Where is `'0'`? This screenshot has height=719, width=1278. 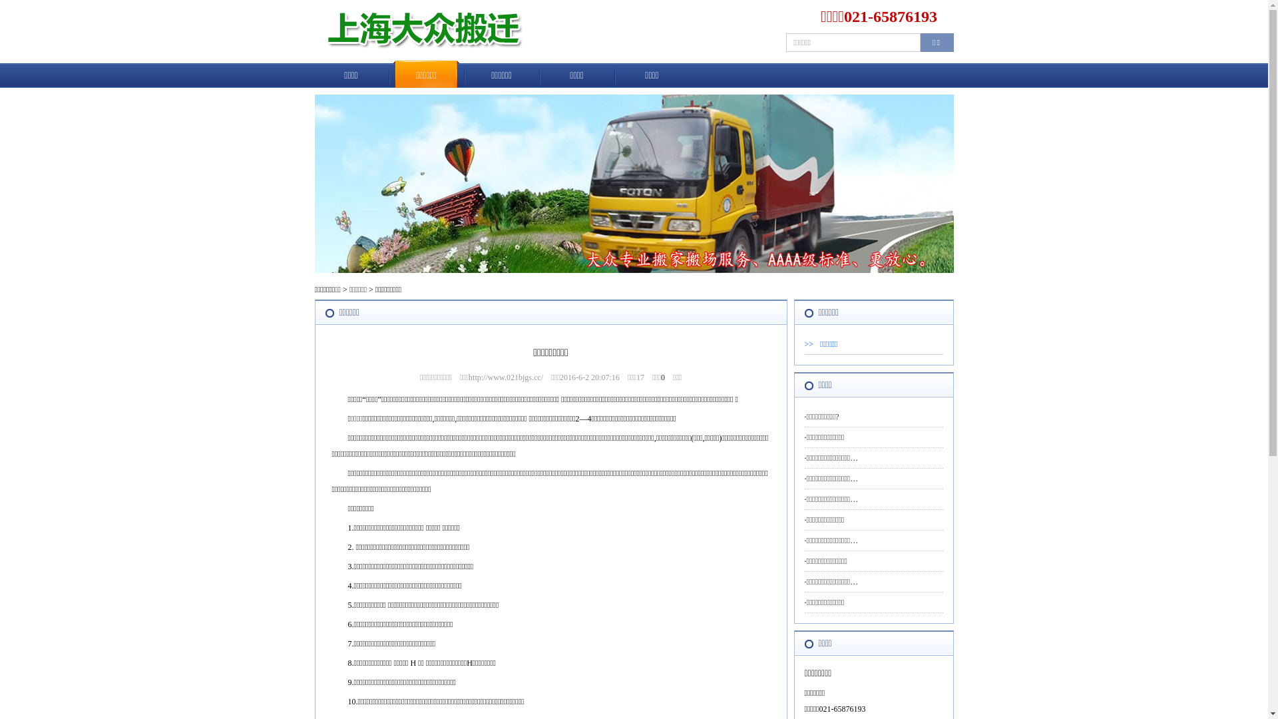 '0' is located at coordinates (663, 377).